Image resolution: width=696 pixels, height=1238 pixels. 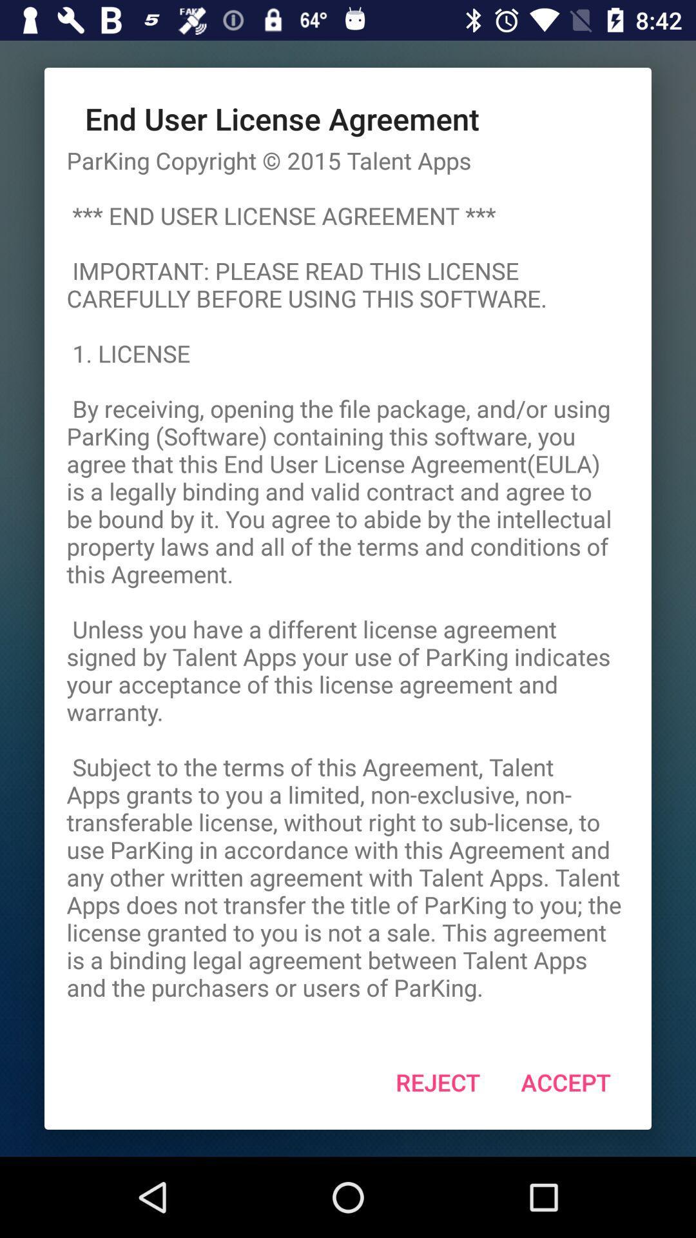 What do you see at coordinates (437, 1082) in the screenshot?
I see `the reject at the bottom` at bounding box center [437, 1082].